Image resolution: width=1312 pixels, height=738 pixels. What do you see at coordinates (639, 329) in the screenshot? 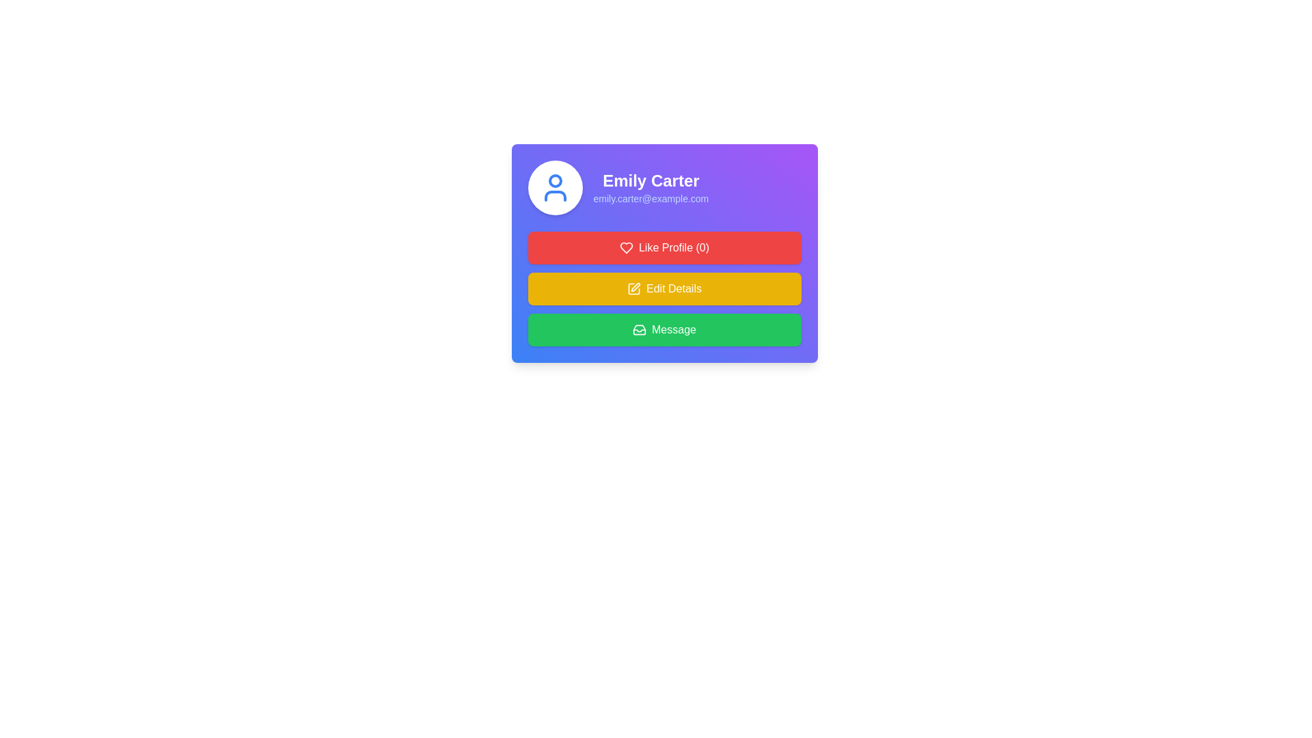
I see `the 'Message' button, which is the third button in a vertical stack` at bounding box center [639, 329].